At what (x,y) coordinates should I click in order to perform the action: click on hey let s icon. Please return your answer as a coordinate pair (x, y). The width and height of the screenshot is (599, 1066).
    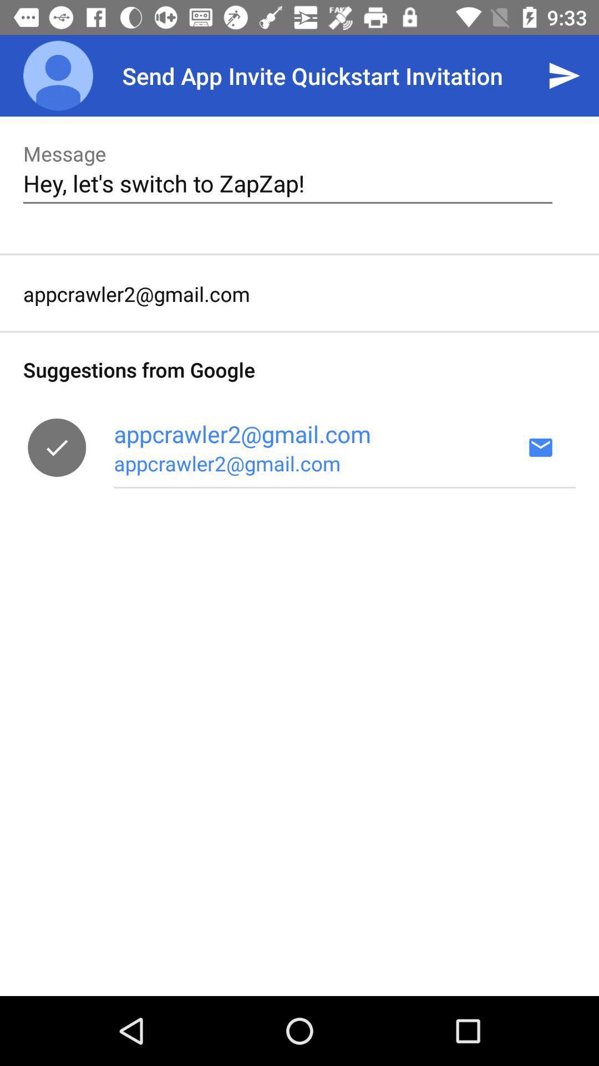
    Looking at the image, I should click on (287, 183).